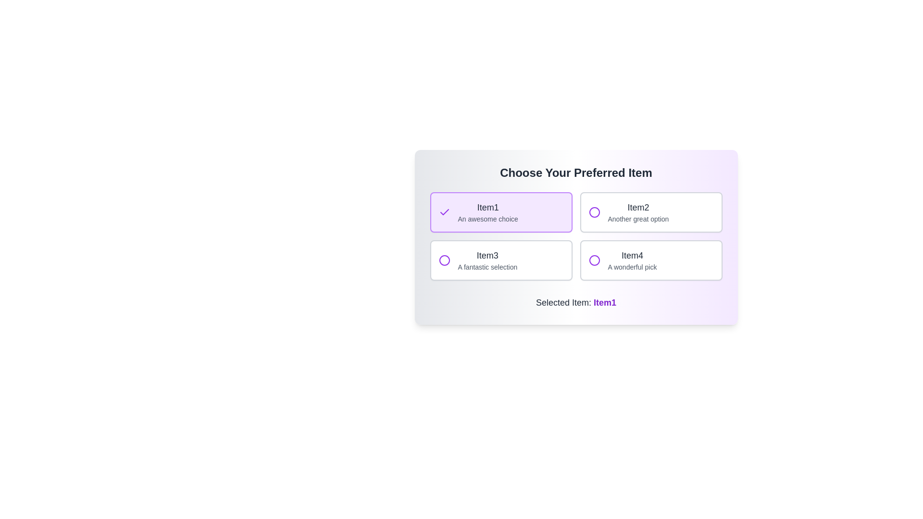 Image resolution: width=923 pixels, height=519 pixels. I want to click on the visual indicator icon representing the selection state for 'Item2', located to the left of the text 'Item2' in the selectable options grid, so click(594, 212).